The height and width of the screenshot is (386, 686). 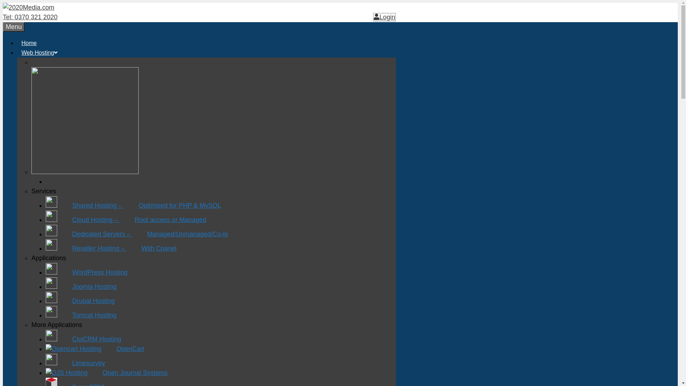 I want to click on 'Tel: 0370 321 2020', so click(x=3, y=16).